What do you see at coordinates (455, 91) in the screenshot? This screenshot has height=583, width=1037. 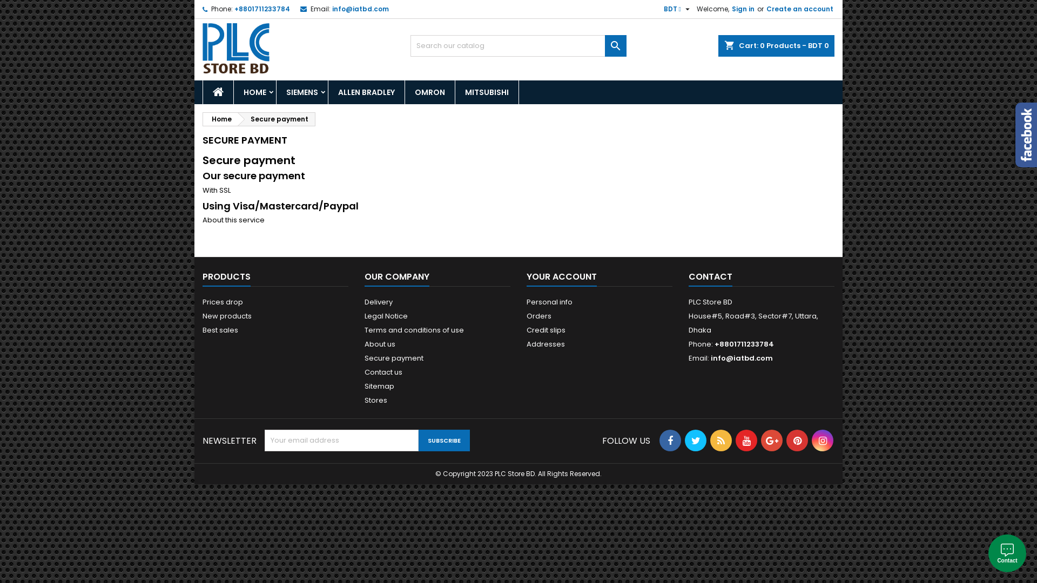 I see `'MITSUBISHI'` at bounding box center [455, 91].